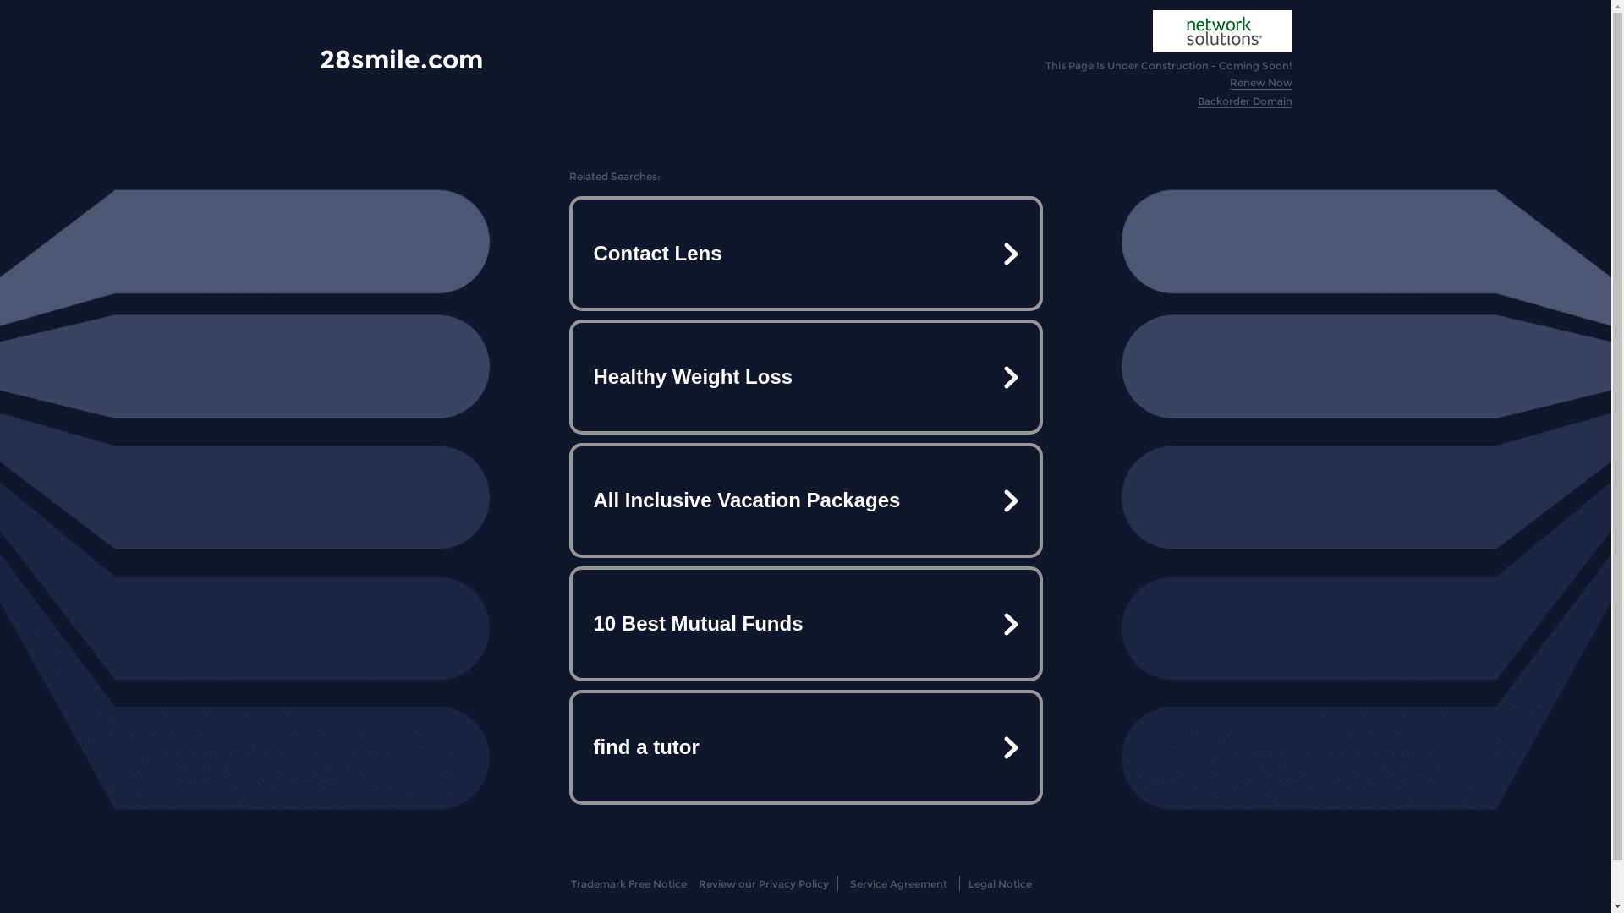 This screenshot has width=1624, height=913. What do you see at coordinates (1000, 883) in the screenshot?
I see `'Legal Notice'` at bounding box center [1000, 883].